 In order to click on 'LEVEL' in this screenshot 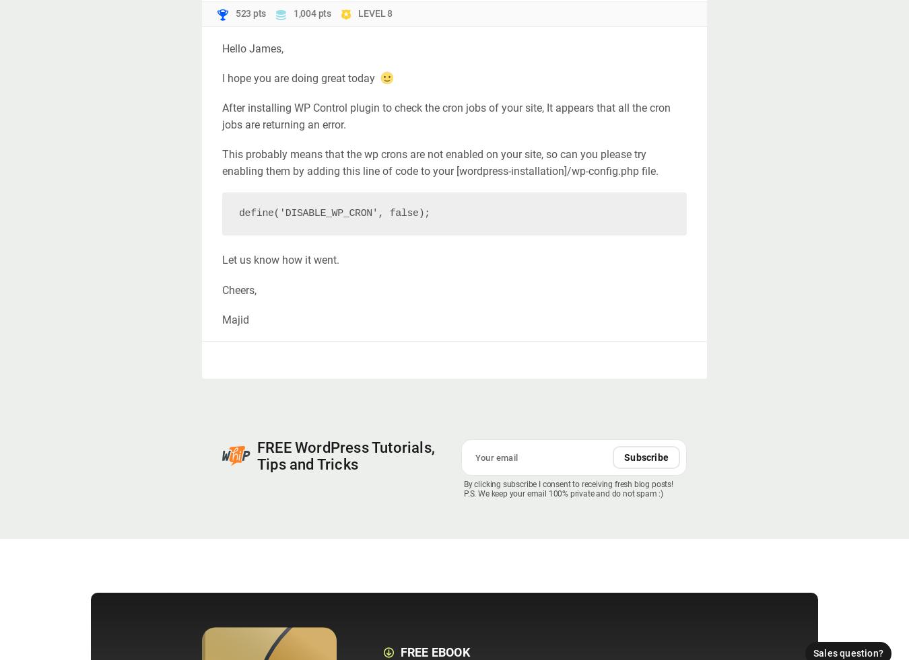, I will do `click(372, 13)`.